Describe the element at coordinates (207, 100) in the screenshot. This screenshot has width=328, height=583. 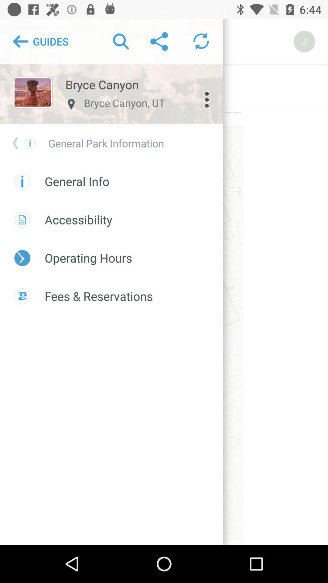
I see `the more icon` at that location.